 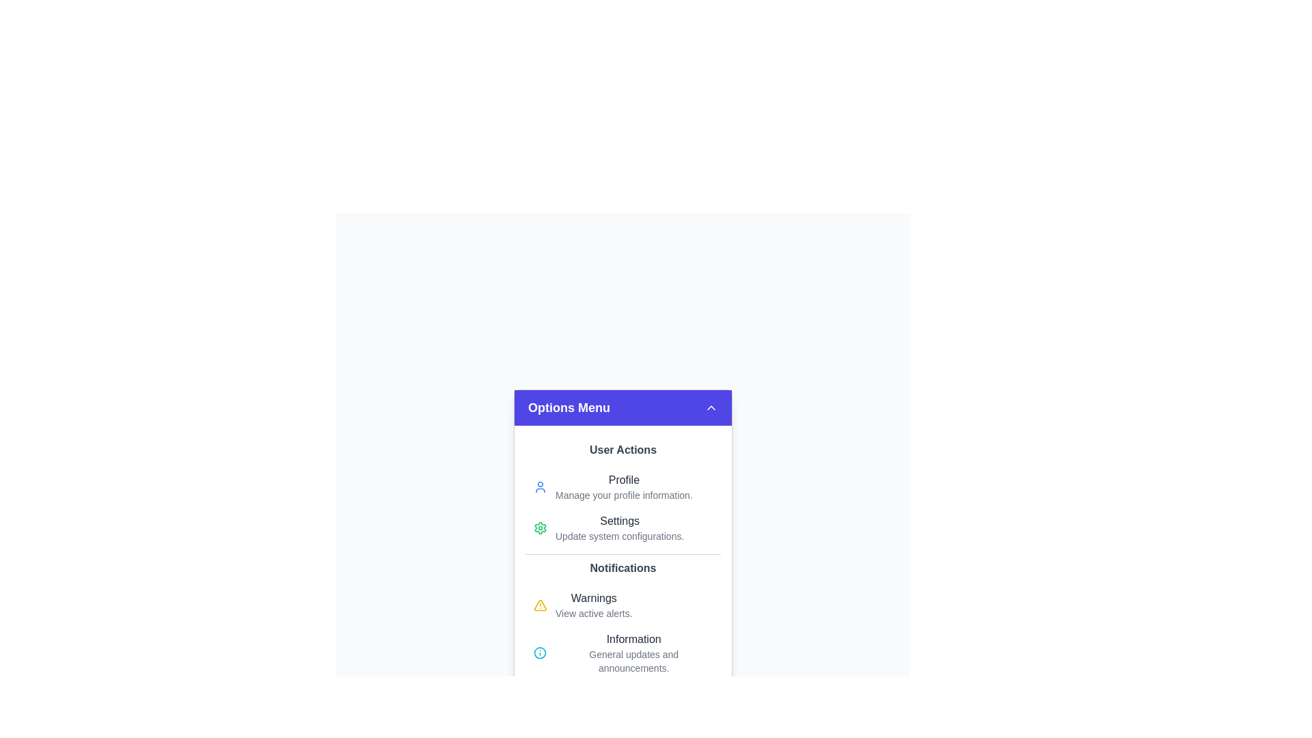 What do you see at coordinates (711, 407) in the screenshot?
I see `the downward chevron icon on the far-right end of the 'Options Menu' header bar` at bounding box center [711, 407].